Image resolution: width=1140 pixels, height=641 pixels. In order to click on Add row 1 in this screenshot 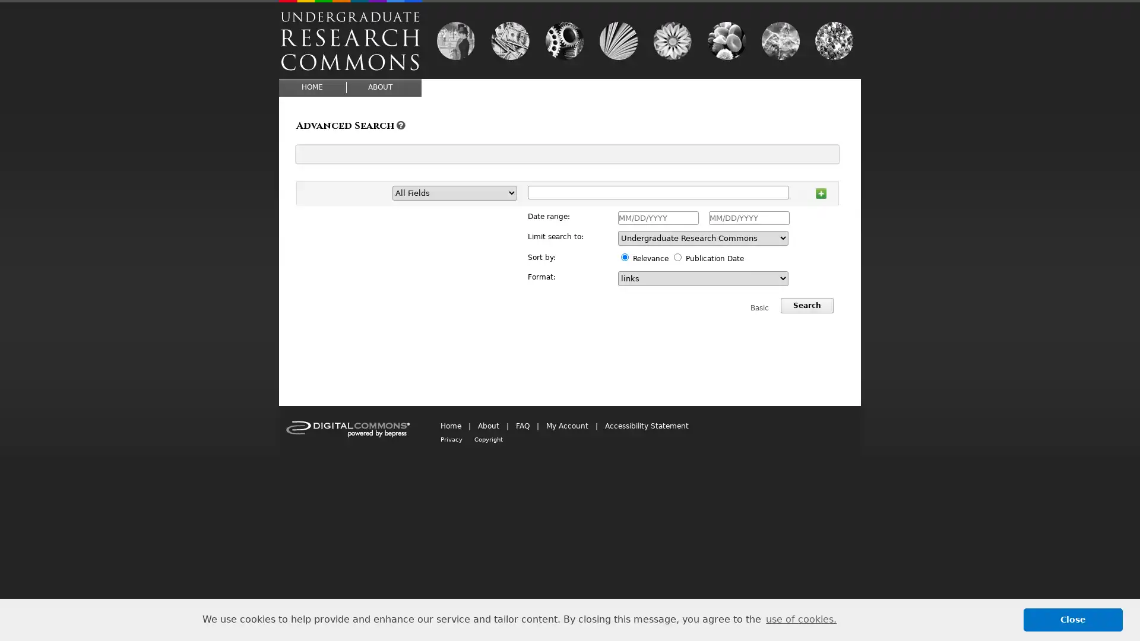, I will do `click(820, 191)`.